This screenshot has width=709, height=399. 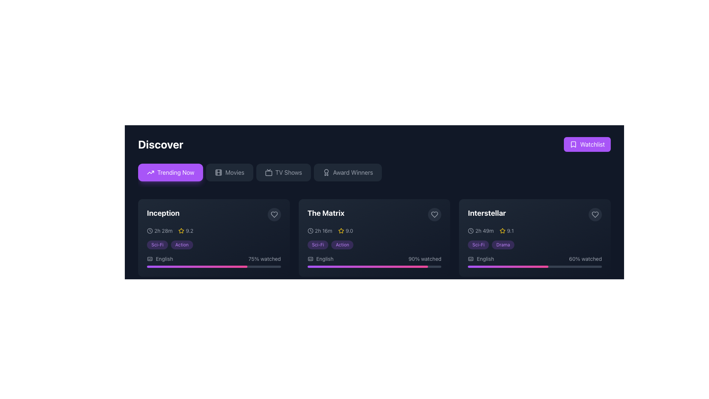 What do you see at coordinates (326, 171) in the screenshot?
I see `the decorative SVG graphic (circle) representing the 'Award Winners' section, located in the upper section of the interface` at bounding box center [326, 171].